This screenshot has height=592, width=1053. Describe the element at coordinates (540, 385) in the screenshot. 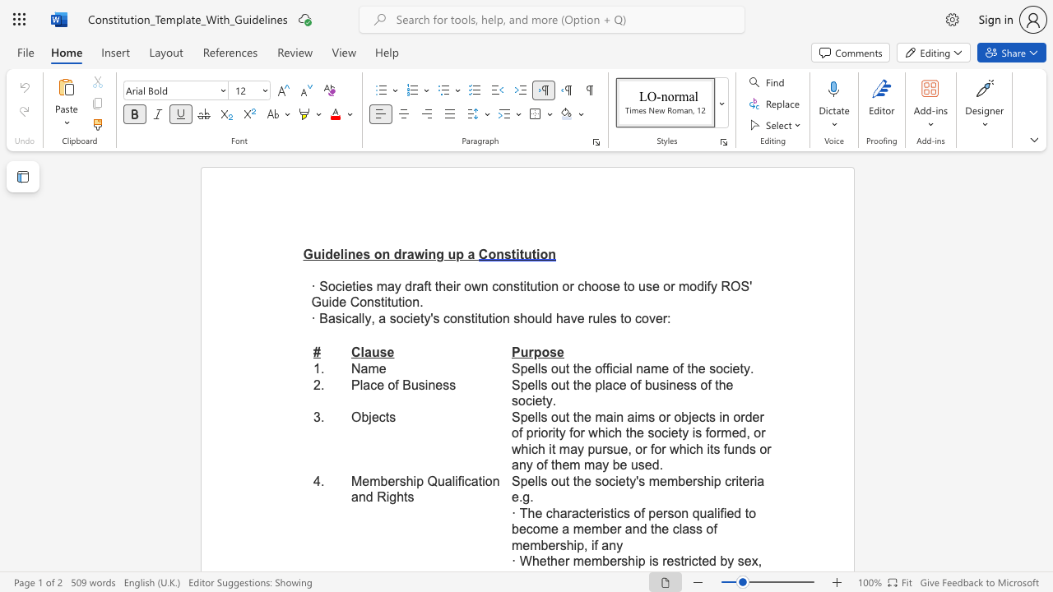

I see `the subset text "s out the place of business of" within the text "Spells out the place of business of the society."` at that location.